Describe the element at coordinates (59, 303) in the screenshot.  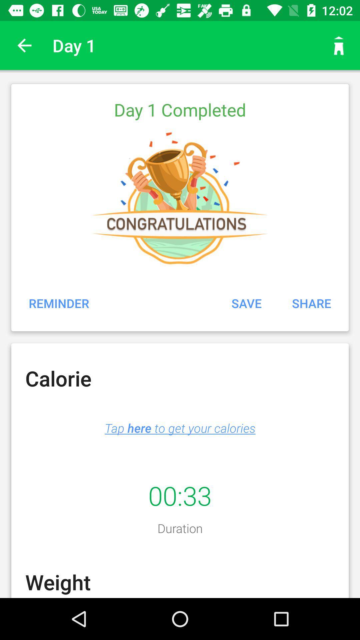
I see `the icon next to save` at that location.